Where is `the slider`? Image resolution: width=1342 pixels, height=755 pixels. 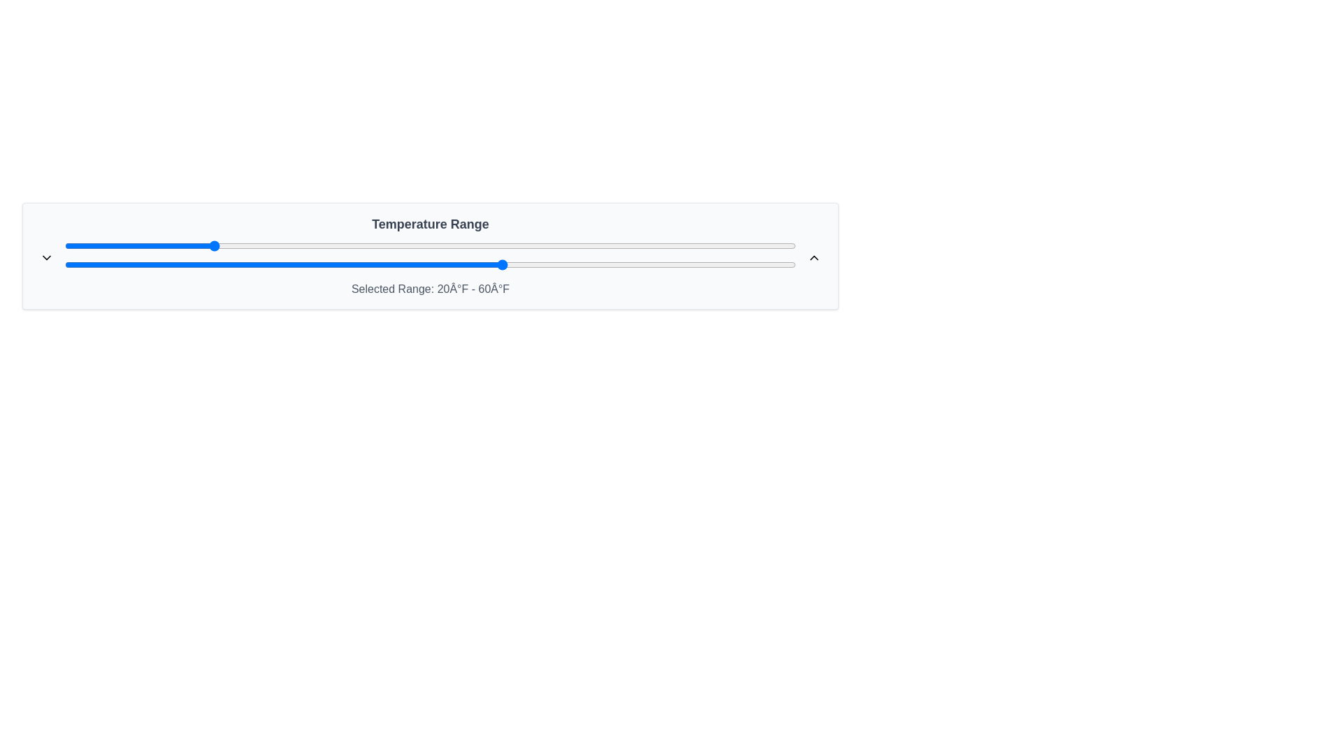 the slider is located at coordinates (467, 264).